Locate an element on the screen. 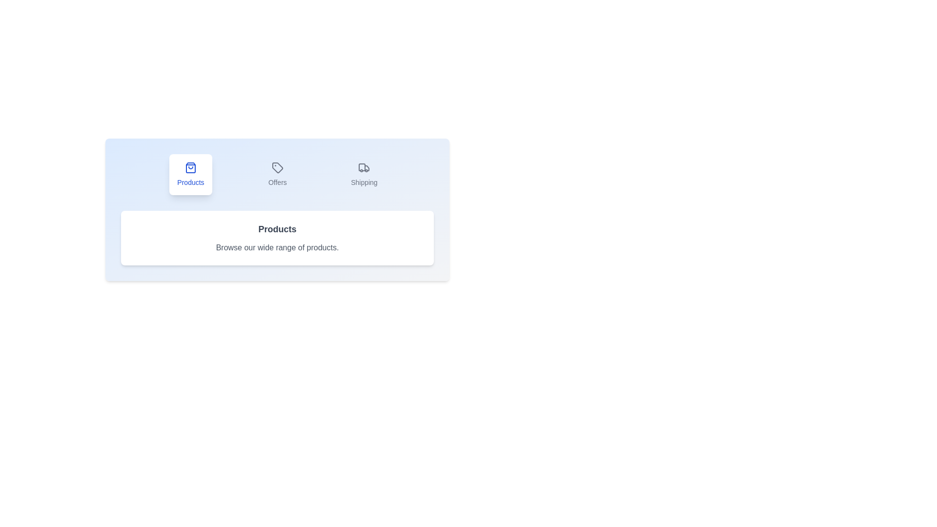 The height and width of the screenshot is (527, 937). the tab labeled Shipping to observe the hover effect is located at coordinates (364, 174).